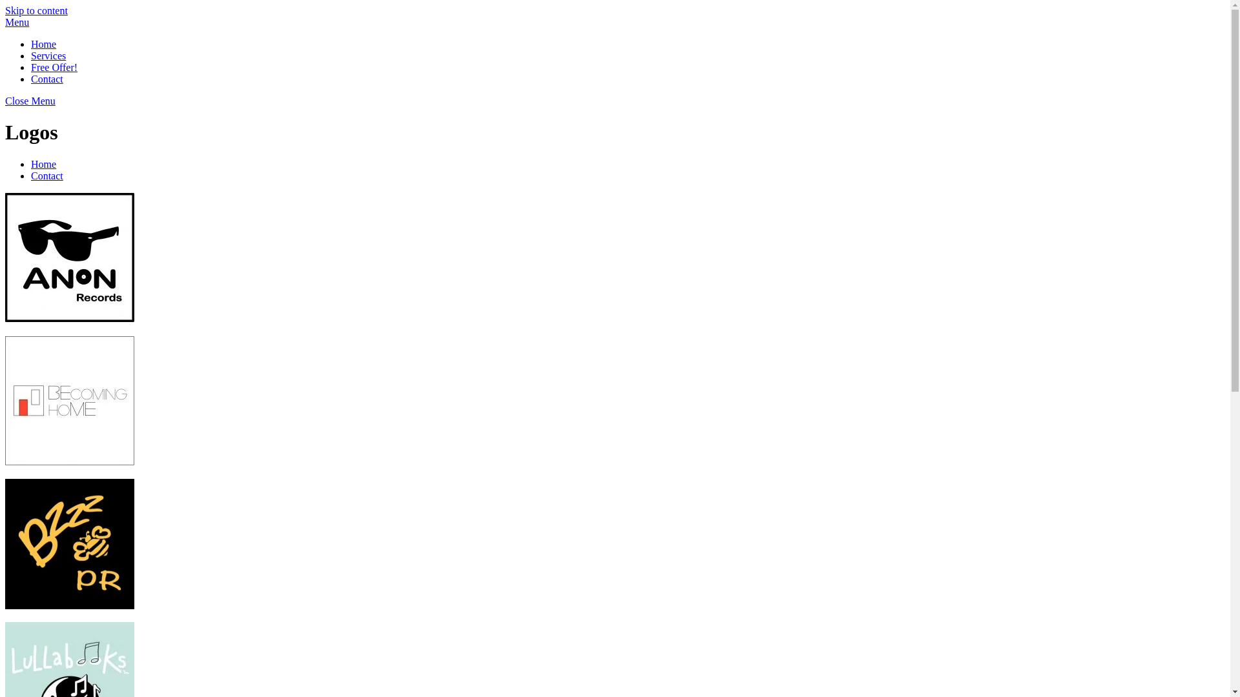  What do you see at coordinates (69, 257) in the screenshot?
I see `'ANON-logo-no-shh'` at bounding box center [69, 257].